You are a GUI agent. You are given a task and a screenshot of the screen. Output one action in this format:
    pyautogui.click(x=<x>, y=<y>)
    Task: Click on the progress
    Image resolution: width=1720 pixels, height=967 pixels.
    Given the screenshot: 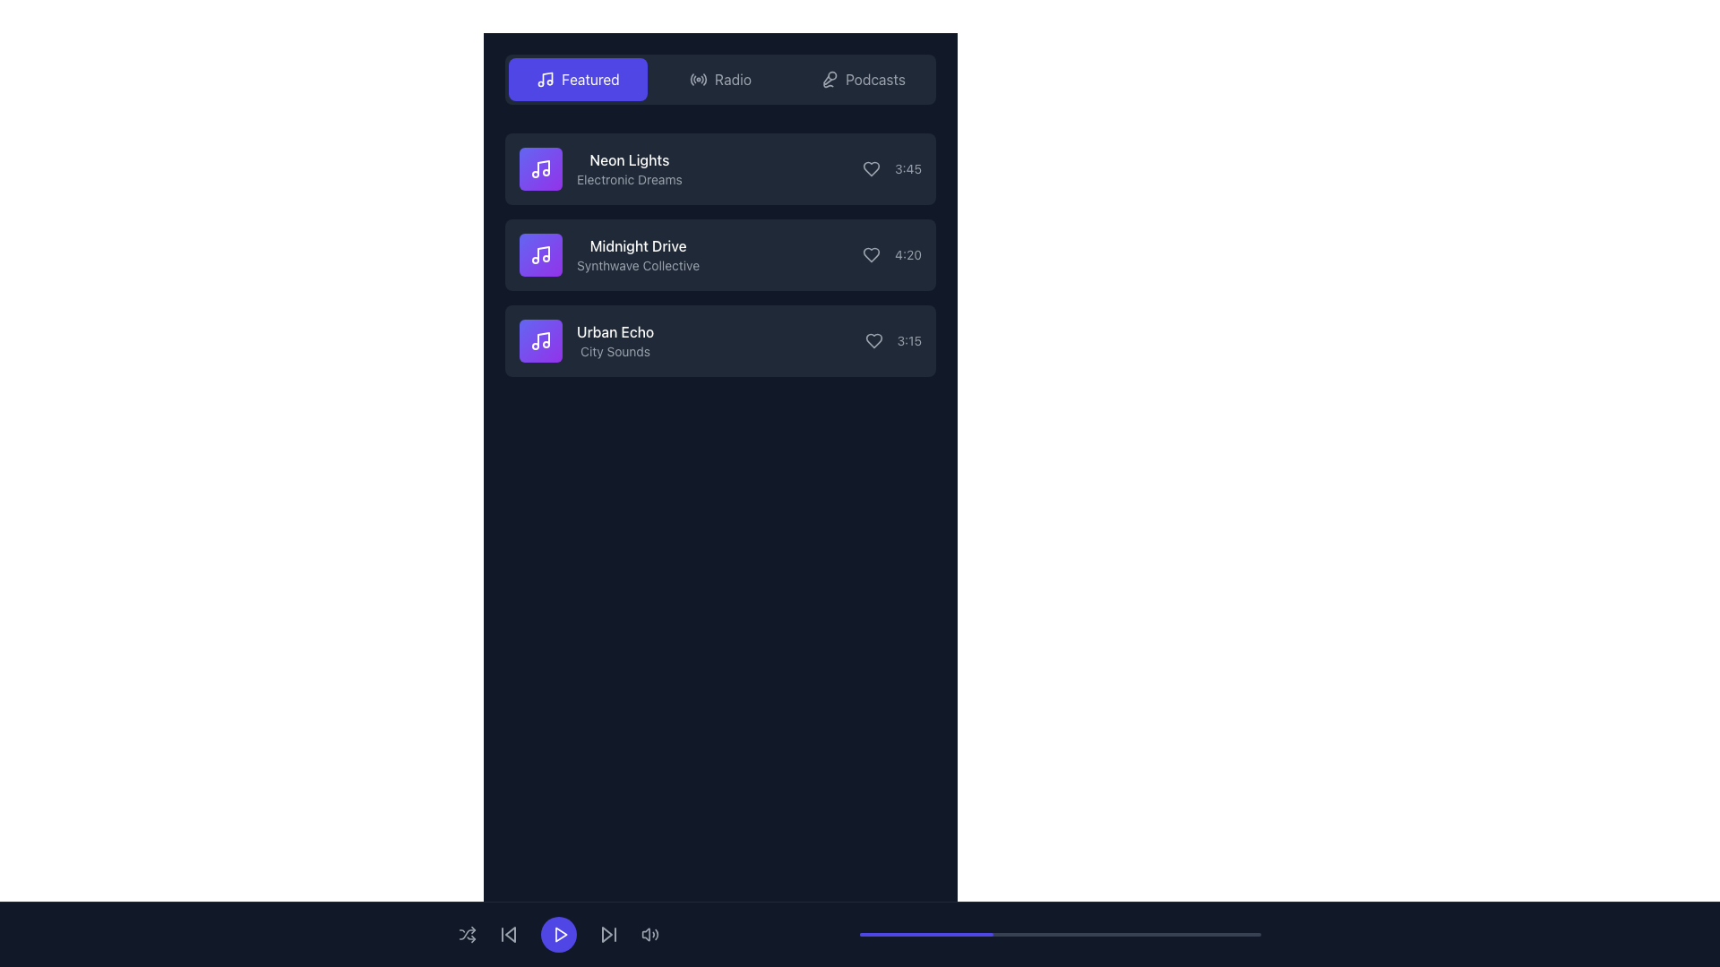 What is the action you would take?
    pyautogui.click(x=971, y=934)
    